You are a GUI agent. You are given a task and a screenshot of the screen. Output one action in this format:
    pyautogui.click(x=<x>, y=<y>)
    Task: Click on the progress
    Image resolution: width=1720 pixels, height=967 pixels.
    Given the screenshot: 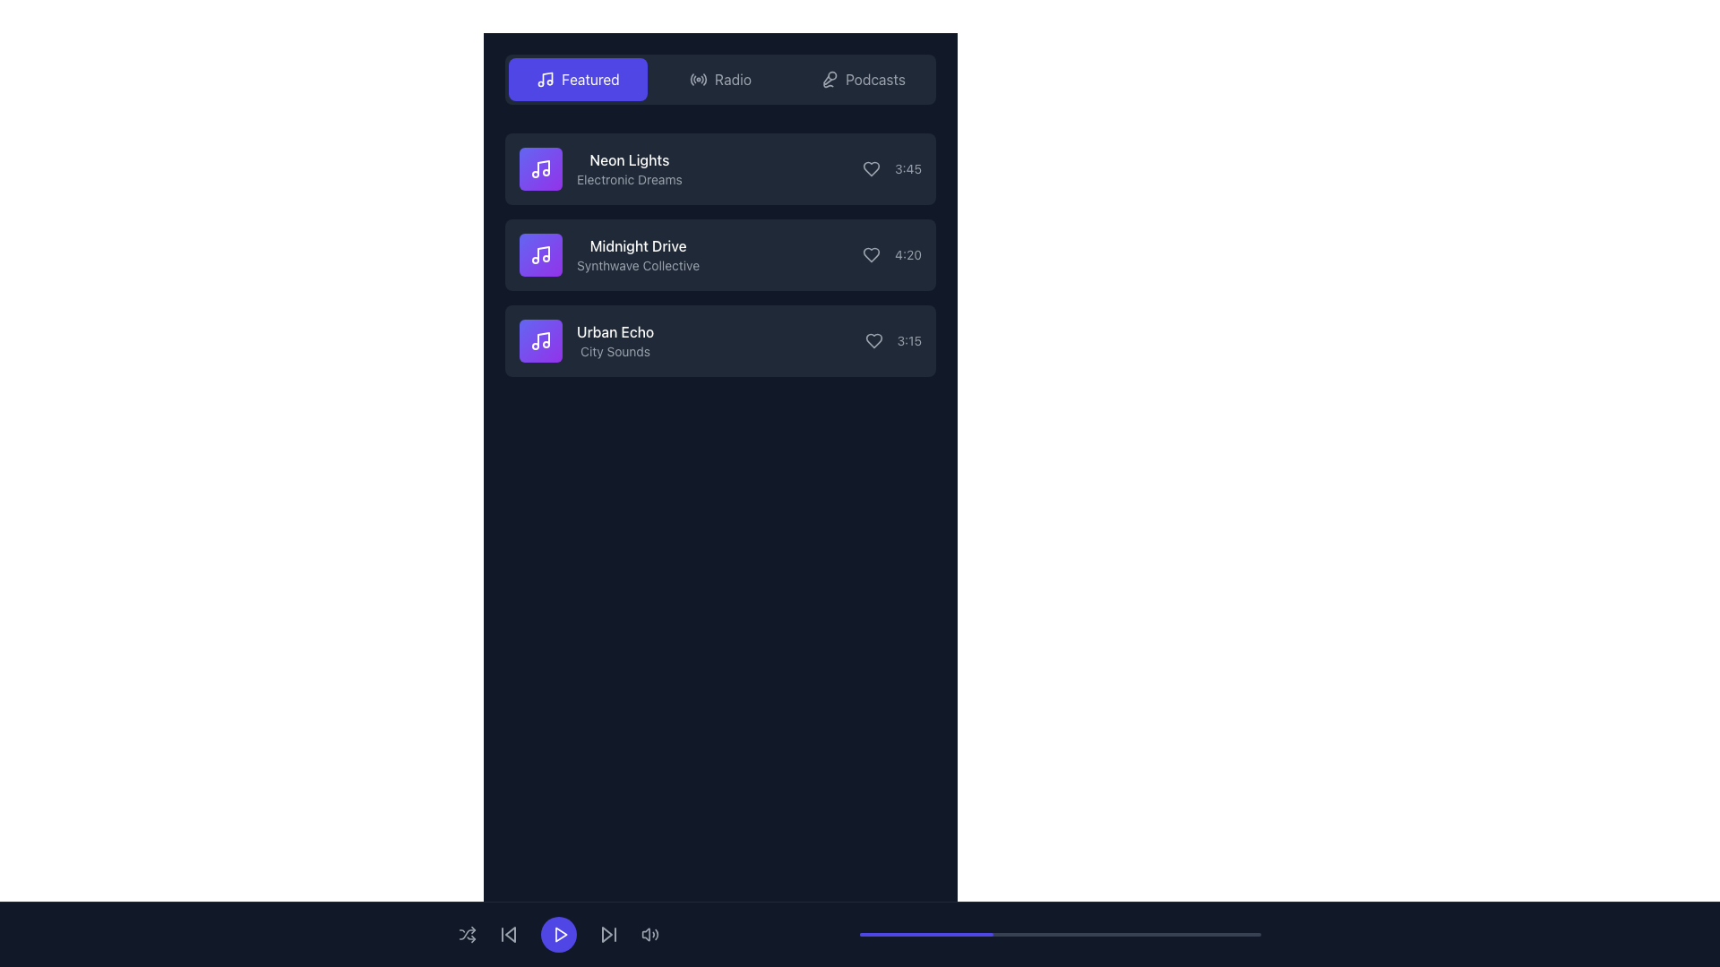 What is the action you would take?
    pyautogui.click(x=971, y=934)
    